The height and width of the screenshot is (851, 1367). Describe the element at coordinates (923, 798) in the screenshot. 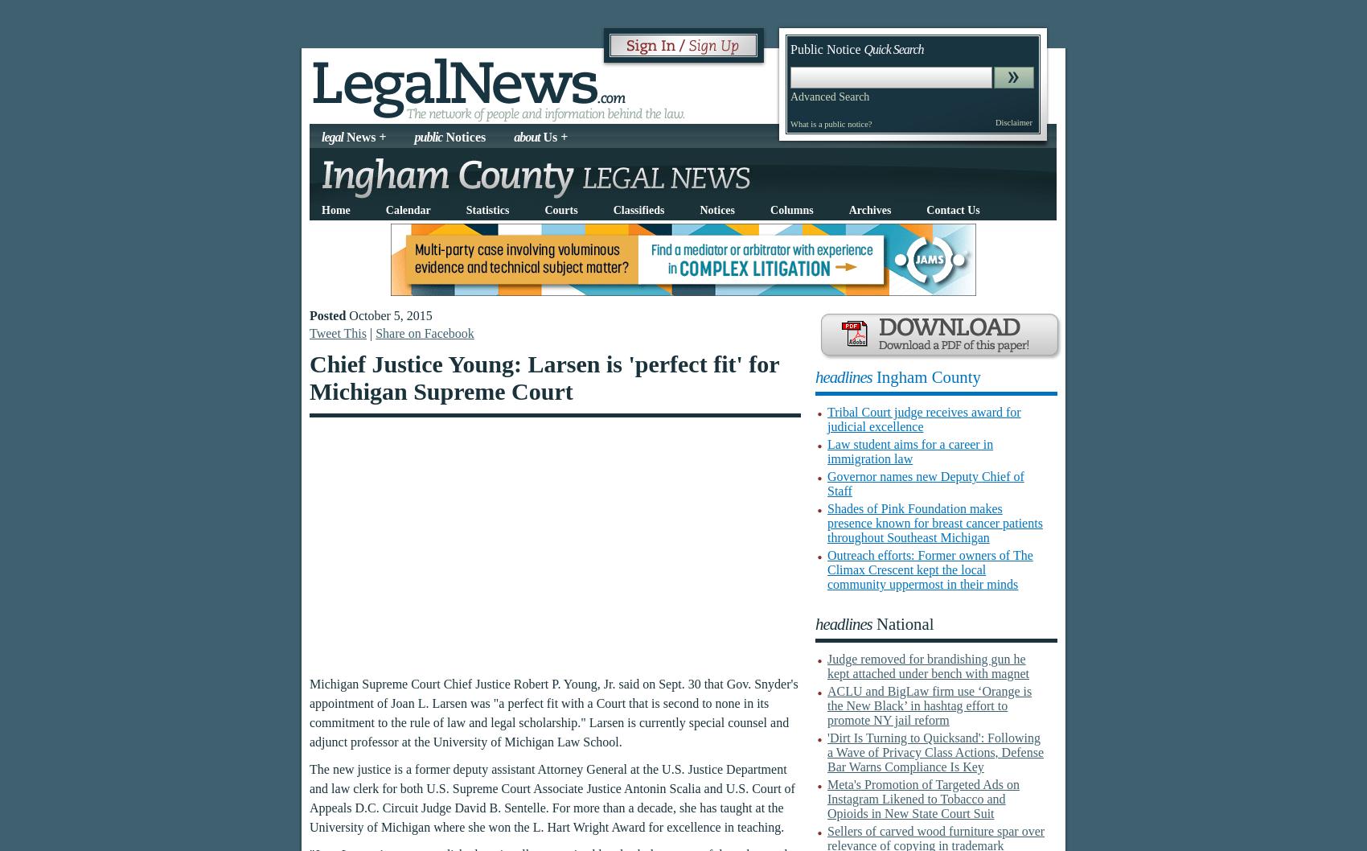

I see `'Meta's Promotion of Targeted Ads on Instagram Likened to Tobacco and Opioids in New State Court Suit'` at that location.